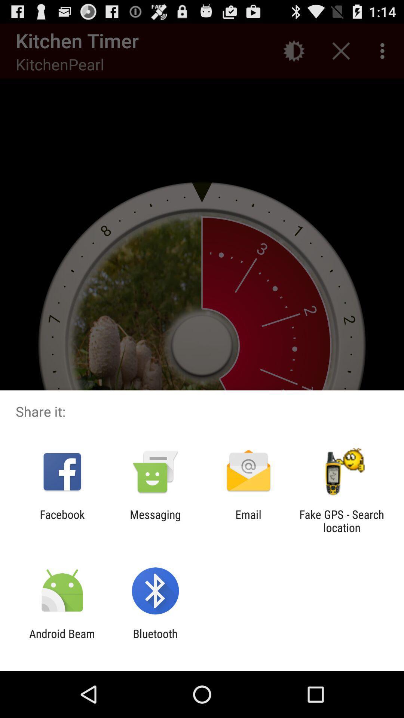 The image size is (404, 718). Describe the element at coordinates (342, 521) in the screenshot. I see `item at the bottom right corner` at that location.